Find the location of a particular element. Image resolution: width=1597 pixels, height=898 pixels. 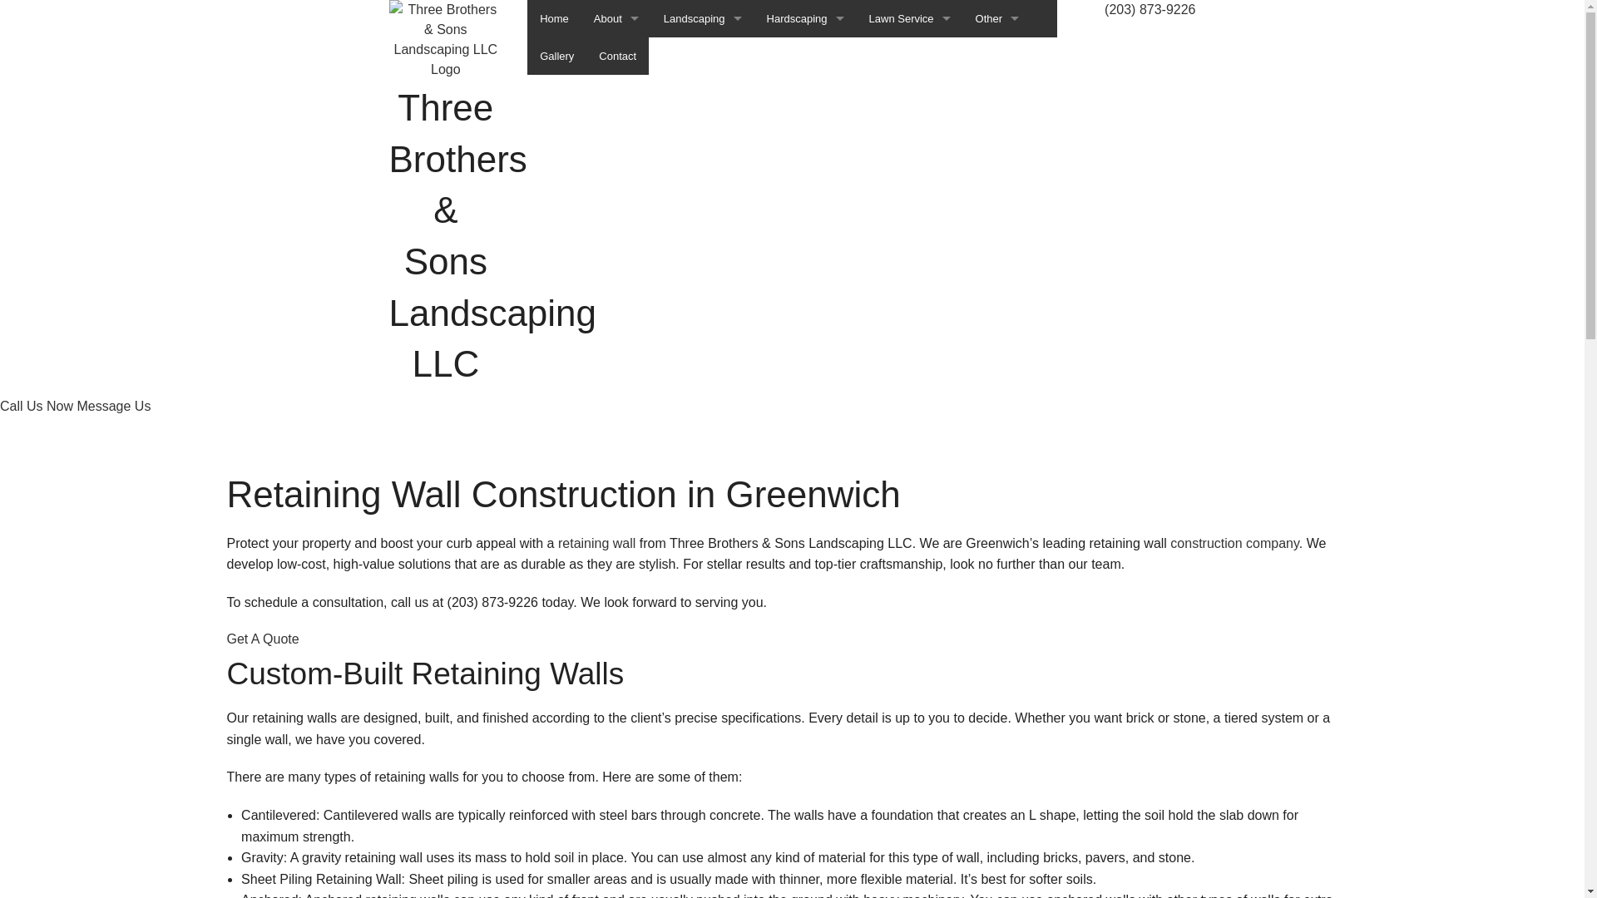

'Gallery' is located at coordinates (556, 55).